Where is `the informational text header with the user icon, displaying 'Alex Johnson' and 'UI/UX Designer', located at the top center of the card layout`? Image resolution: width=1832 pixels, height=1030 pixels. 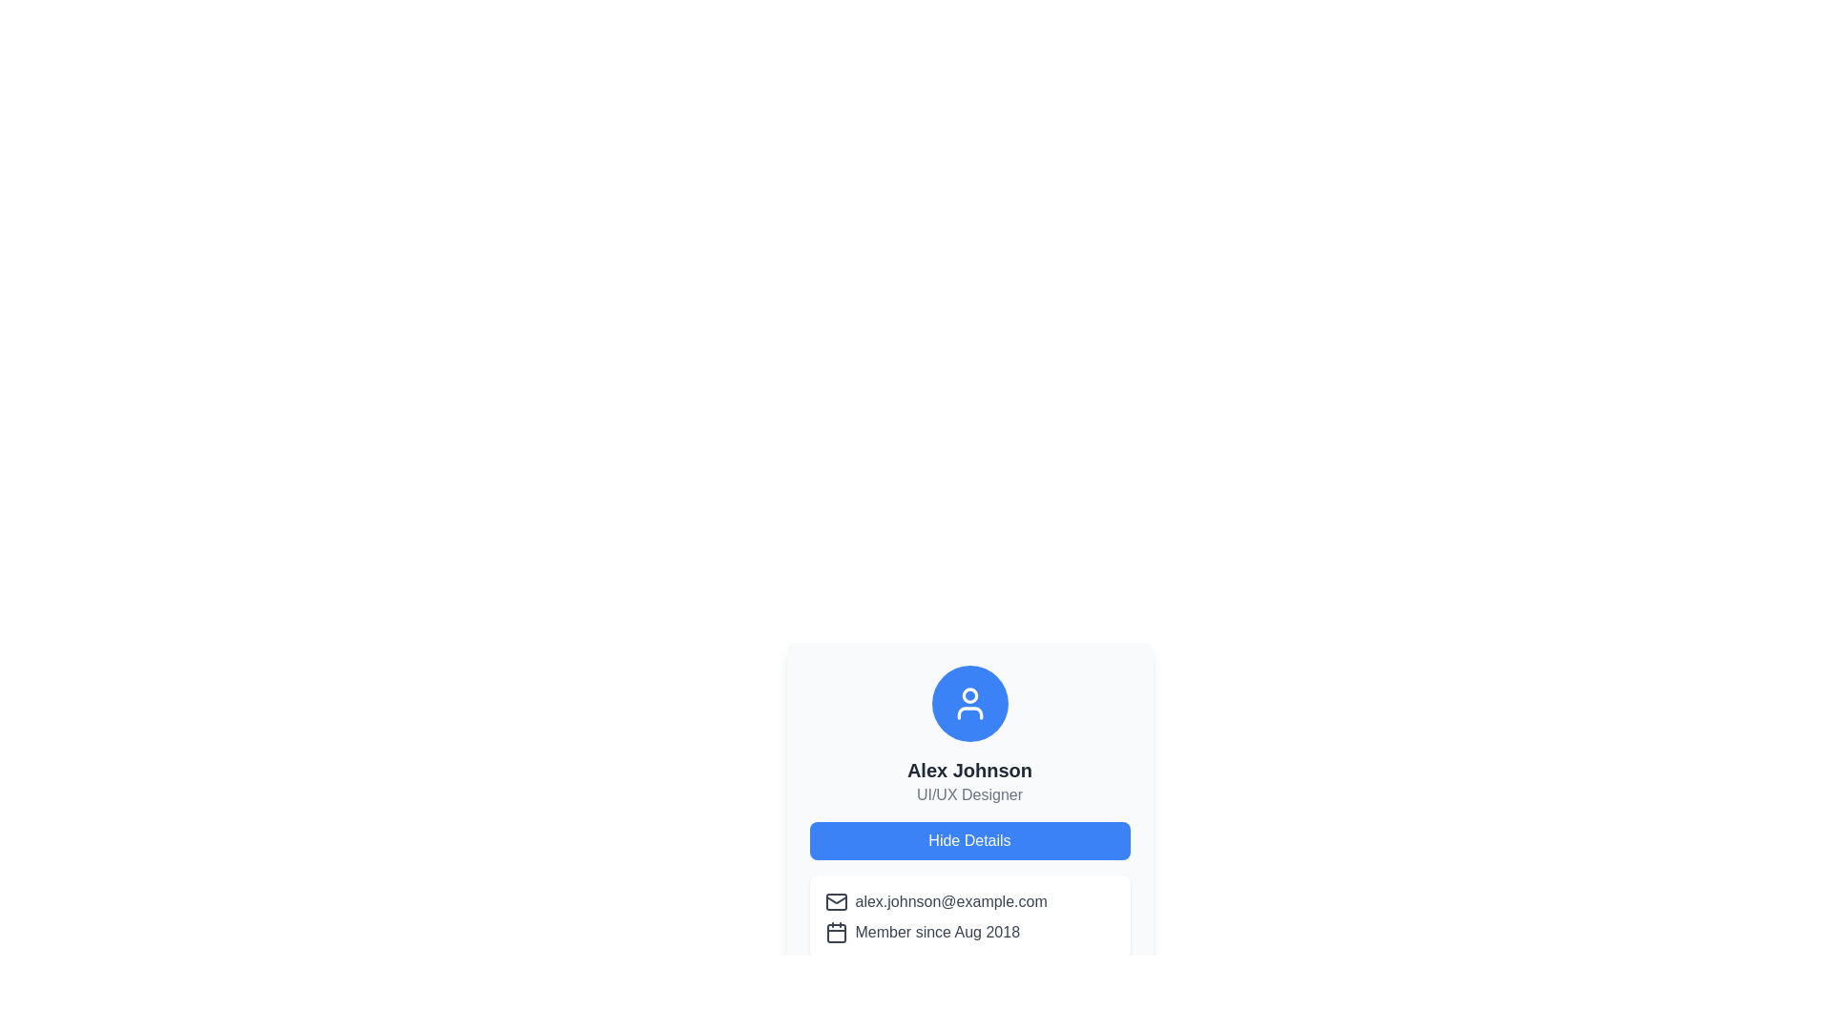 the informational text header with the user icon, displaying 'Alex Johnson' and 'UI/UX Designer', located at the top center of the card layout is located at coordinates (969, 734).